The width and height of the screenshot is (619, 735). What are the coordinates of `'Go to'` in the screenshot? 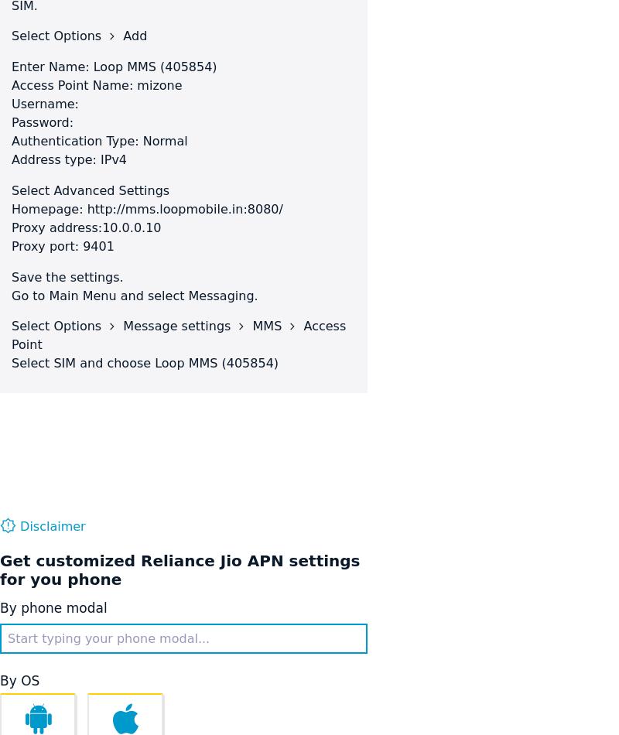 It's located at (29, 295).